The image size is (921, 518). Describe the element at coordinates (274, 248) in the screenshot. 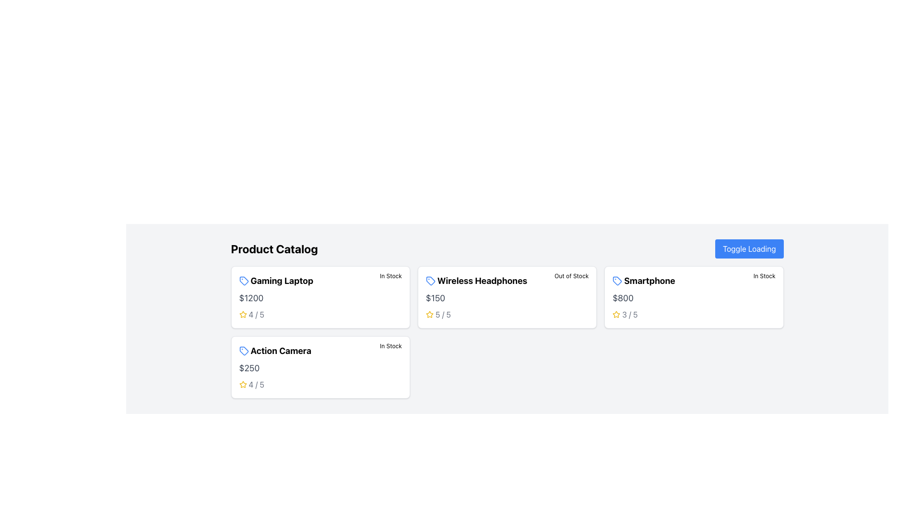

I see `text of the Text Label (Heading) displaying 'Product Catalog', which is positioned at the top left of the product section` at that location.